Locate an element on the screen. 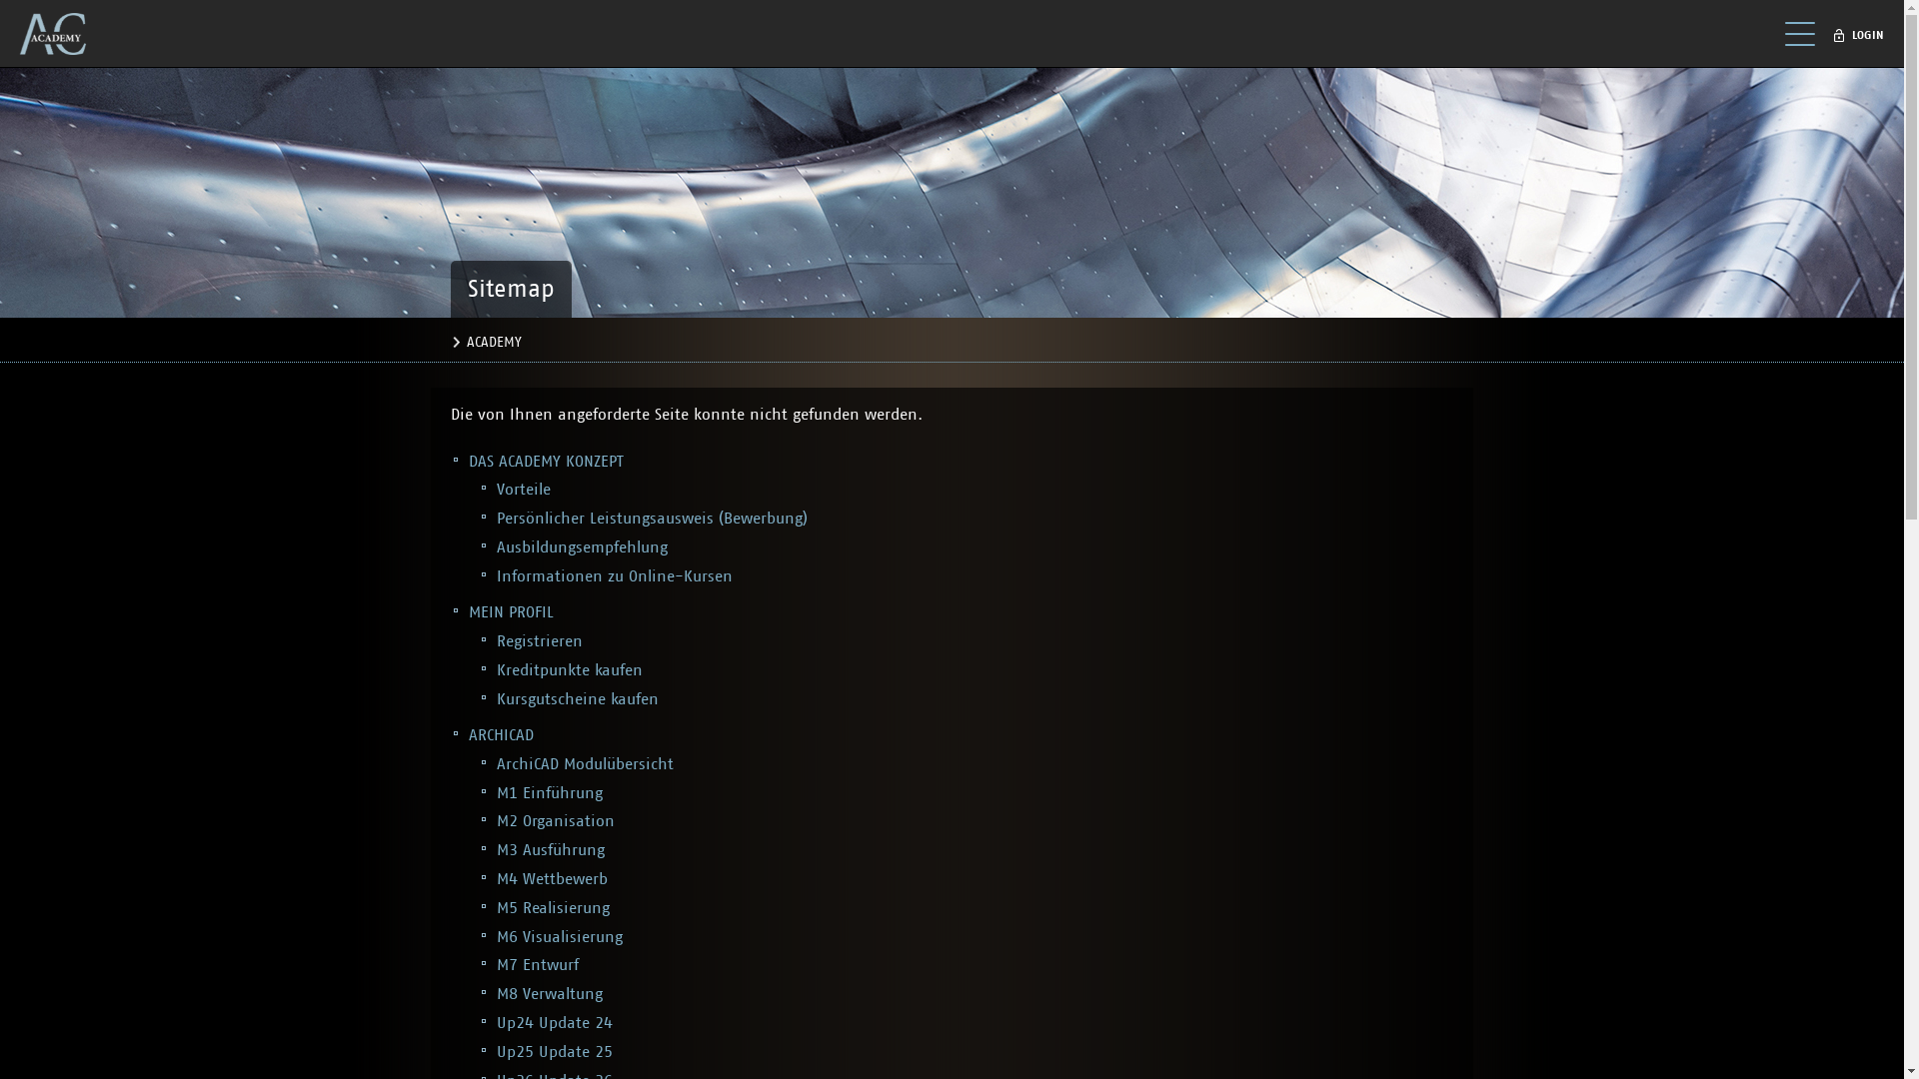  'Registrieren' is located at coordinates (539, 640).